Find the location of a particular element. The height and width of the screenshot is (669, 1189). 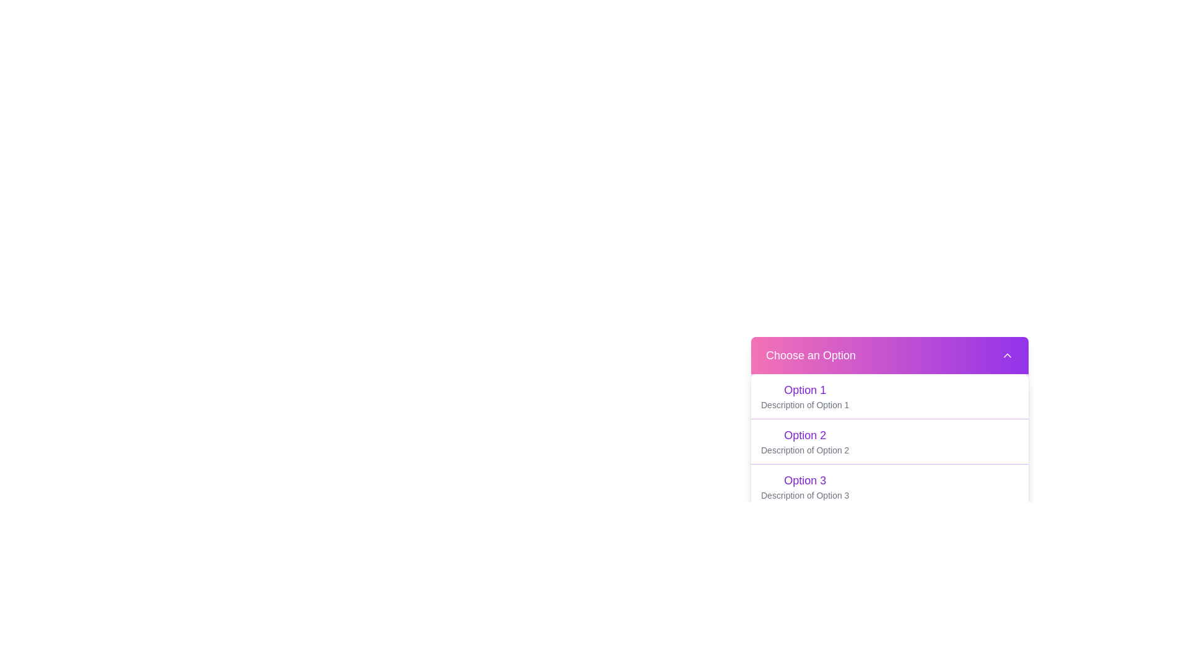

the text element displaying 'Description of Option 1', which is located below the label 'Option 1' in the dropdown menu labeled 'Choose an Option' is located at coordinates (805, 405).